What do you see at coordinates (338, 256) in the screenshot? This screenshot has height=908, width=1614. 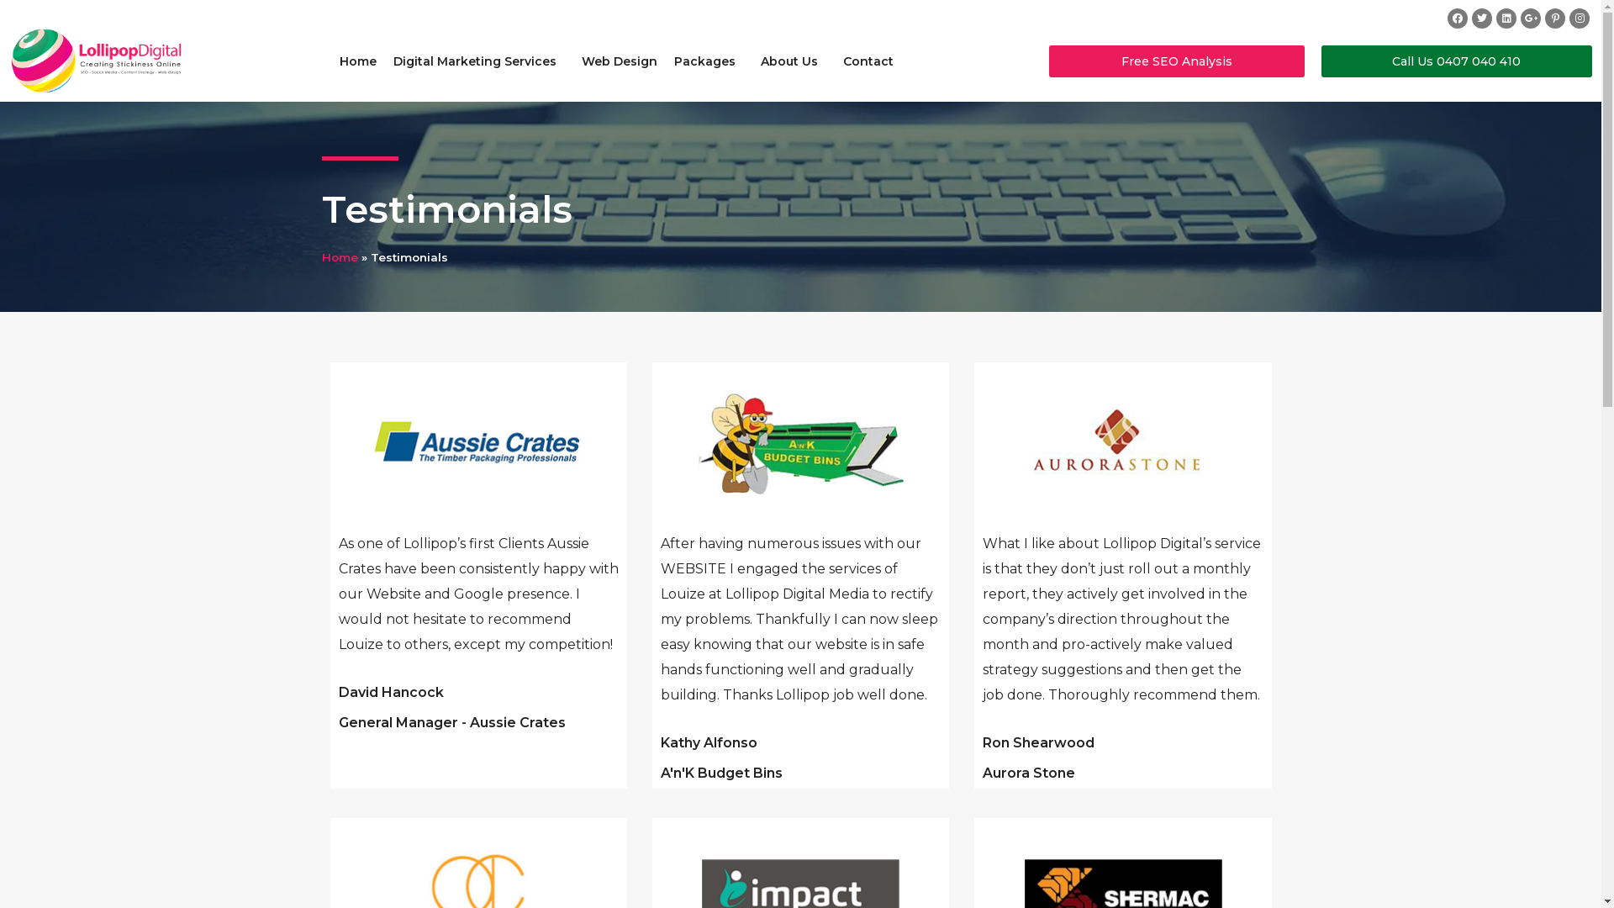 I see `'Home'` at bounding box center [338, 256].